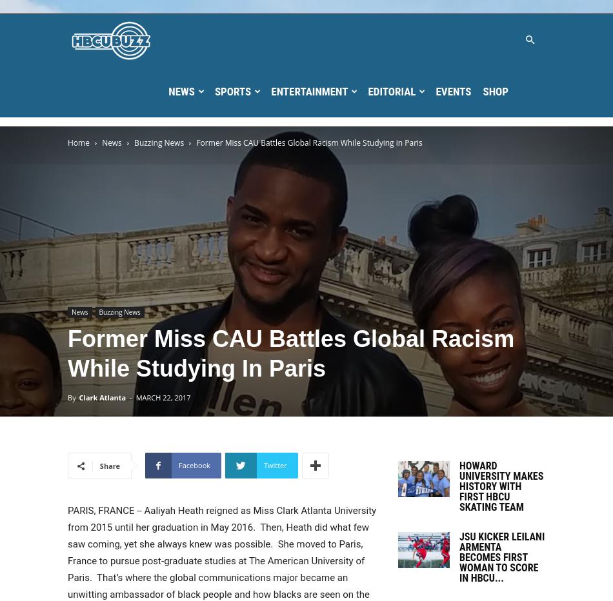  Describe the element at coordinates (501, 557) in the screenshot. I see `'JSU Kicker Leilani Armenta Becomes First Woman to Score in HBCU...'` at that location.